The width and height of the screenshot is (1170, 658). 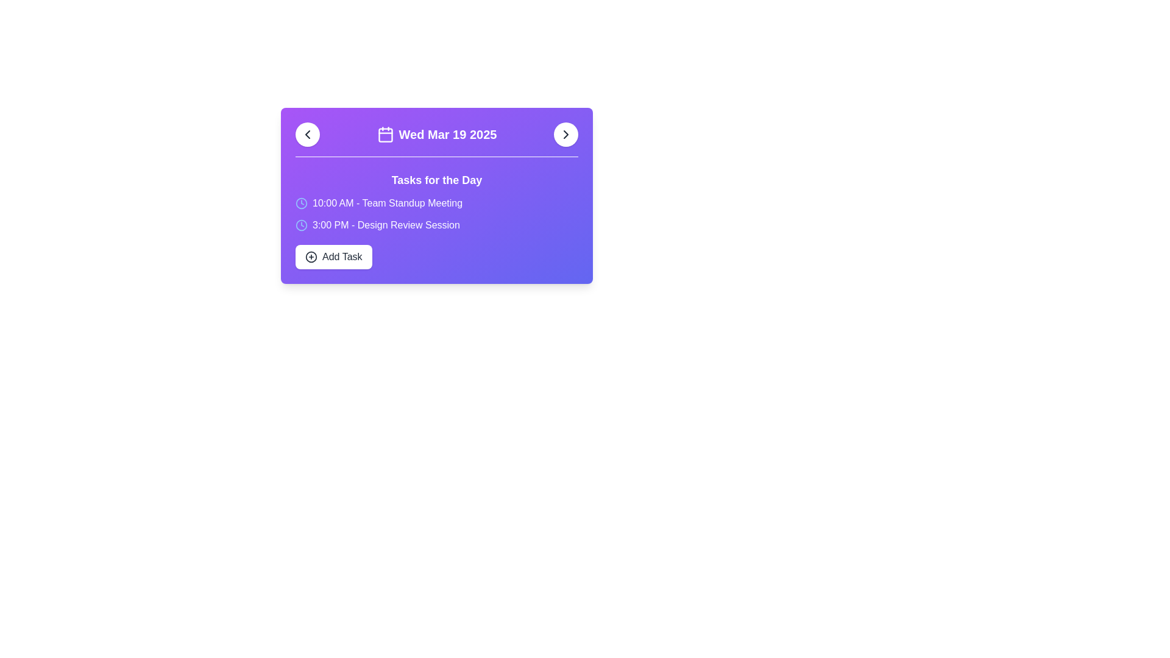 I want to click on the button located at the bottom right corner of the purple section labeled 'Tasks for the Day', so click(x=333, y=256).